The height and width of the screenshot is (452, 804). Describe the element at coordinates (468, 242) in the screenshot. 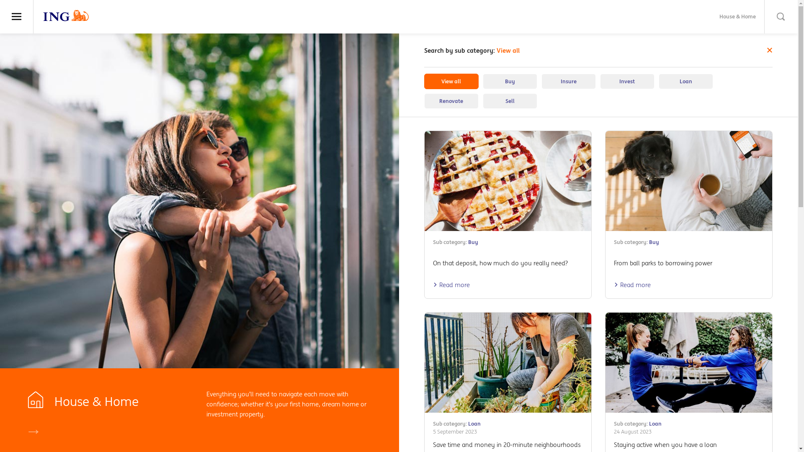

I see `'Buy'` at that location.